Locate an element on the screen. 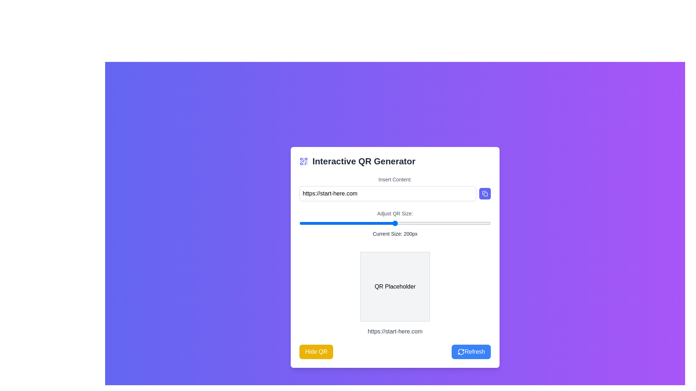  the gray square labeled 'QR Placeholder' located beneath the 'Adjust QR Size' section in the Interactive QR Generator interface is located at coordinates (394, 286).